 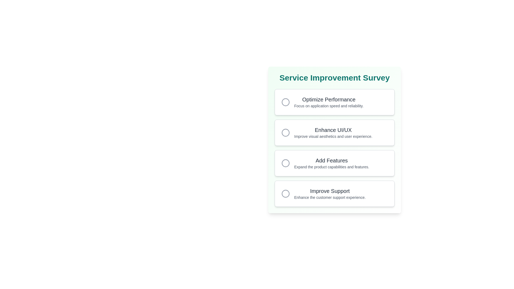 What do you see at coordinates (331, 160) in the screenshot?
I see `text label displaying 'Add Features' in bold, dark gray font, which is positioned above the description in the third section of the survey list` at bounding box center [331, 160].